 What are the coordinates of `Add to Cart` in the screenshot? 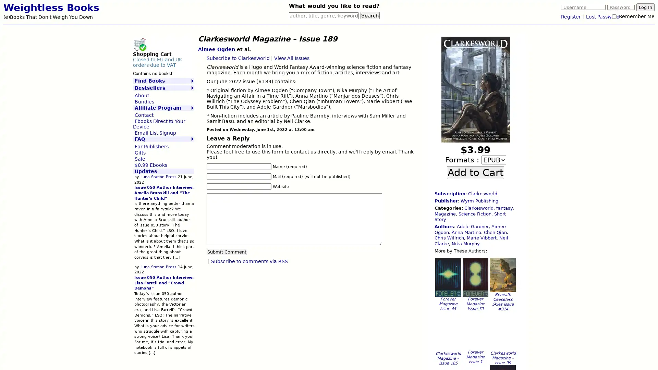 It's located at (475, 172).